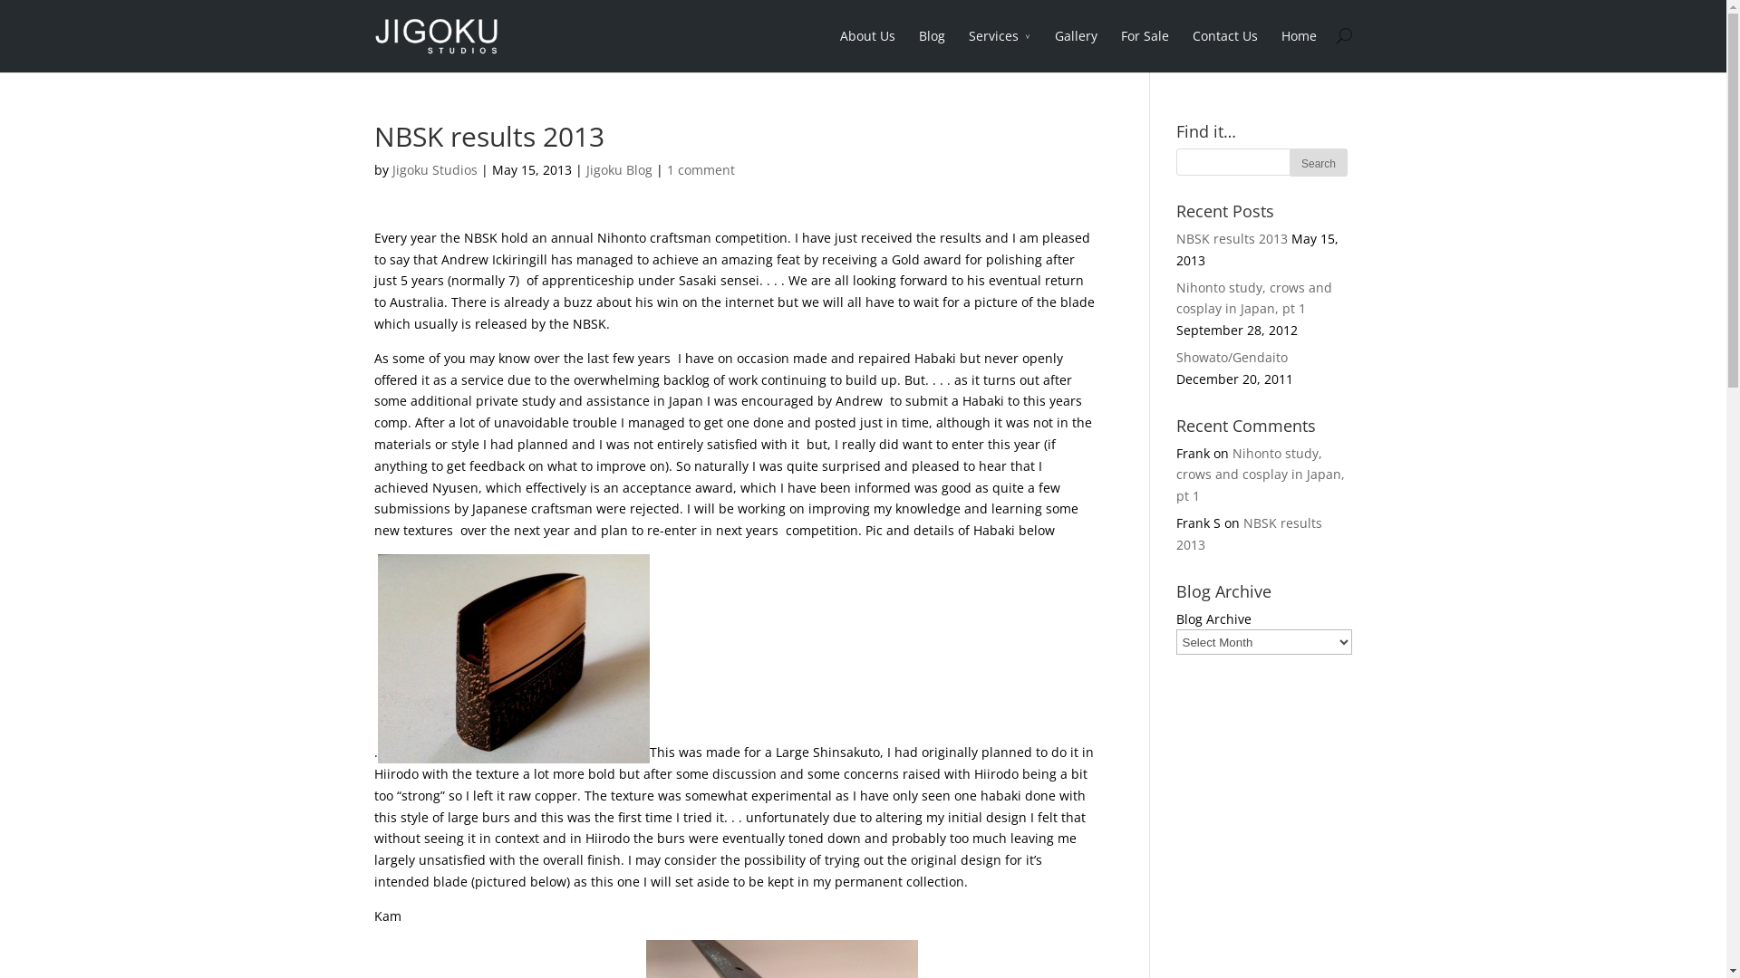  What do you see at coordinates (1232, 237) in the screenshot?
I see `'NBSK results 2013'` at bounding box center [1232, 237].